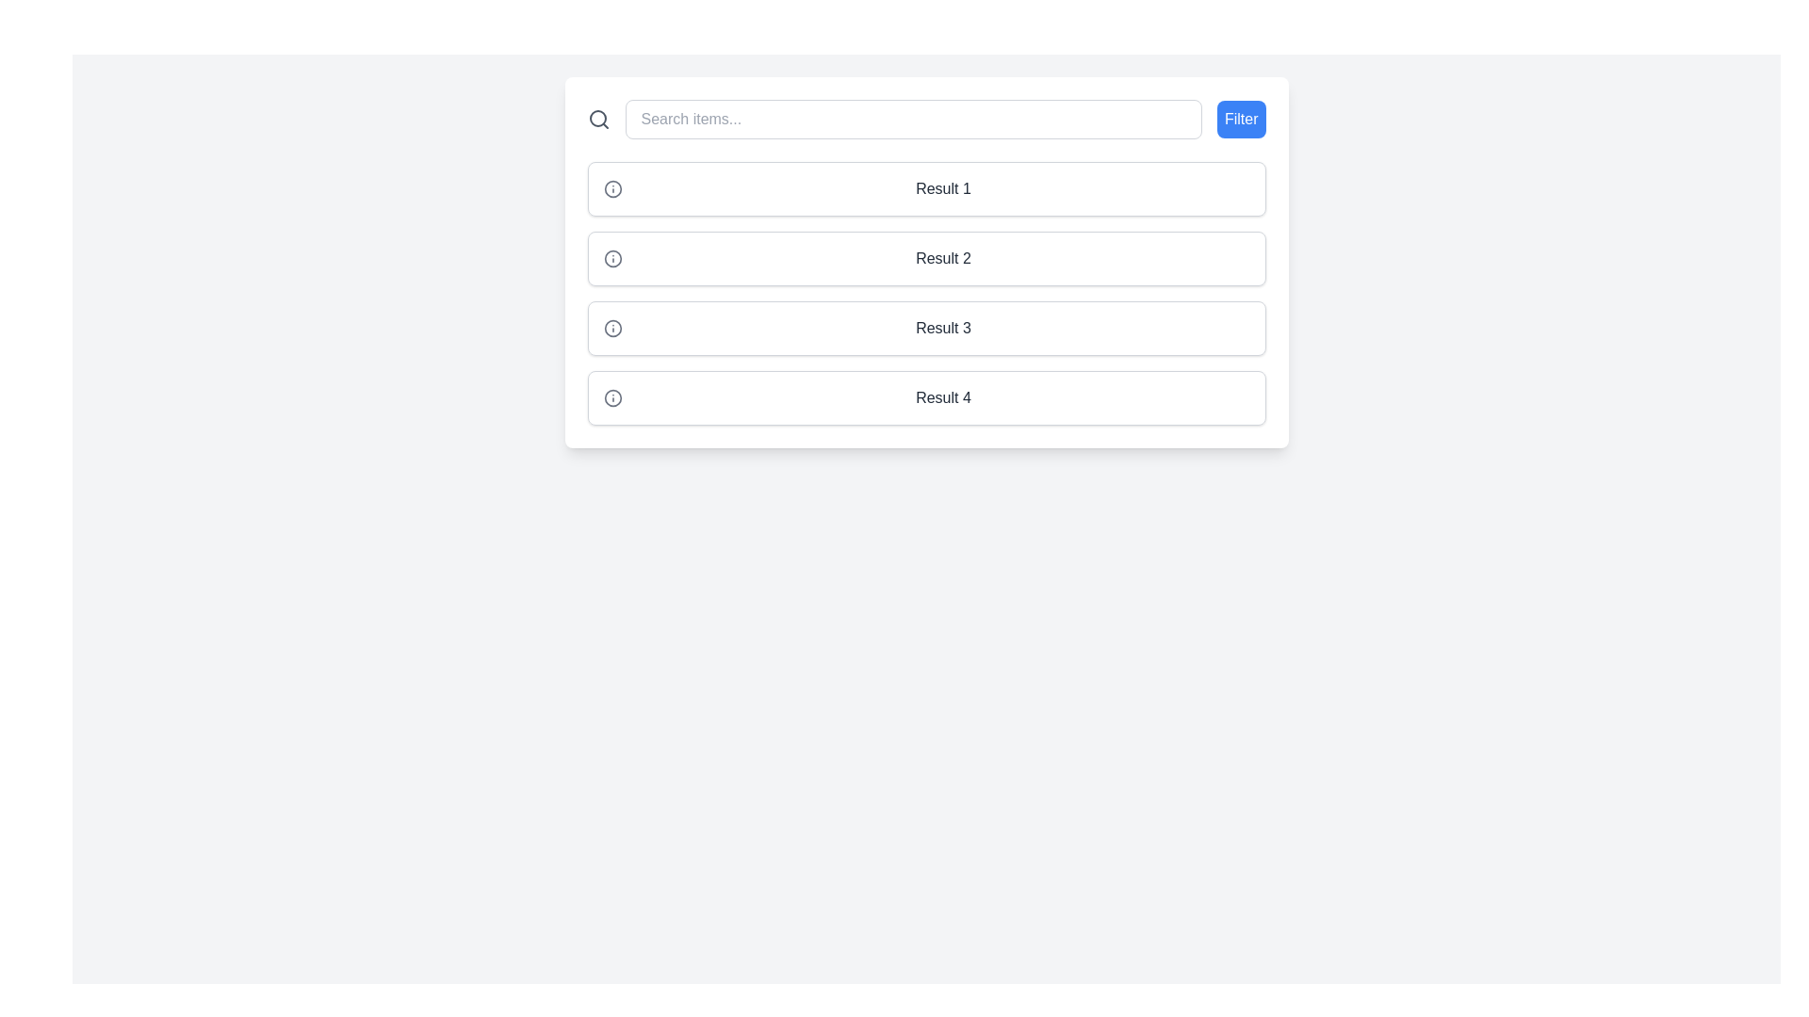 The image size is (1809, 1017). I want to click on the circular information icon with a gray color located at the leftmost part of the 'Result 4' row, which is the fourth row in the list, so click(612, 397).